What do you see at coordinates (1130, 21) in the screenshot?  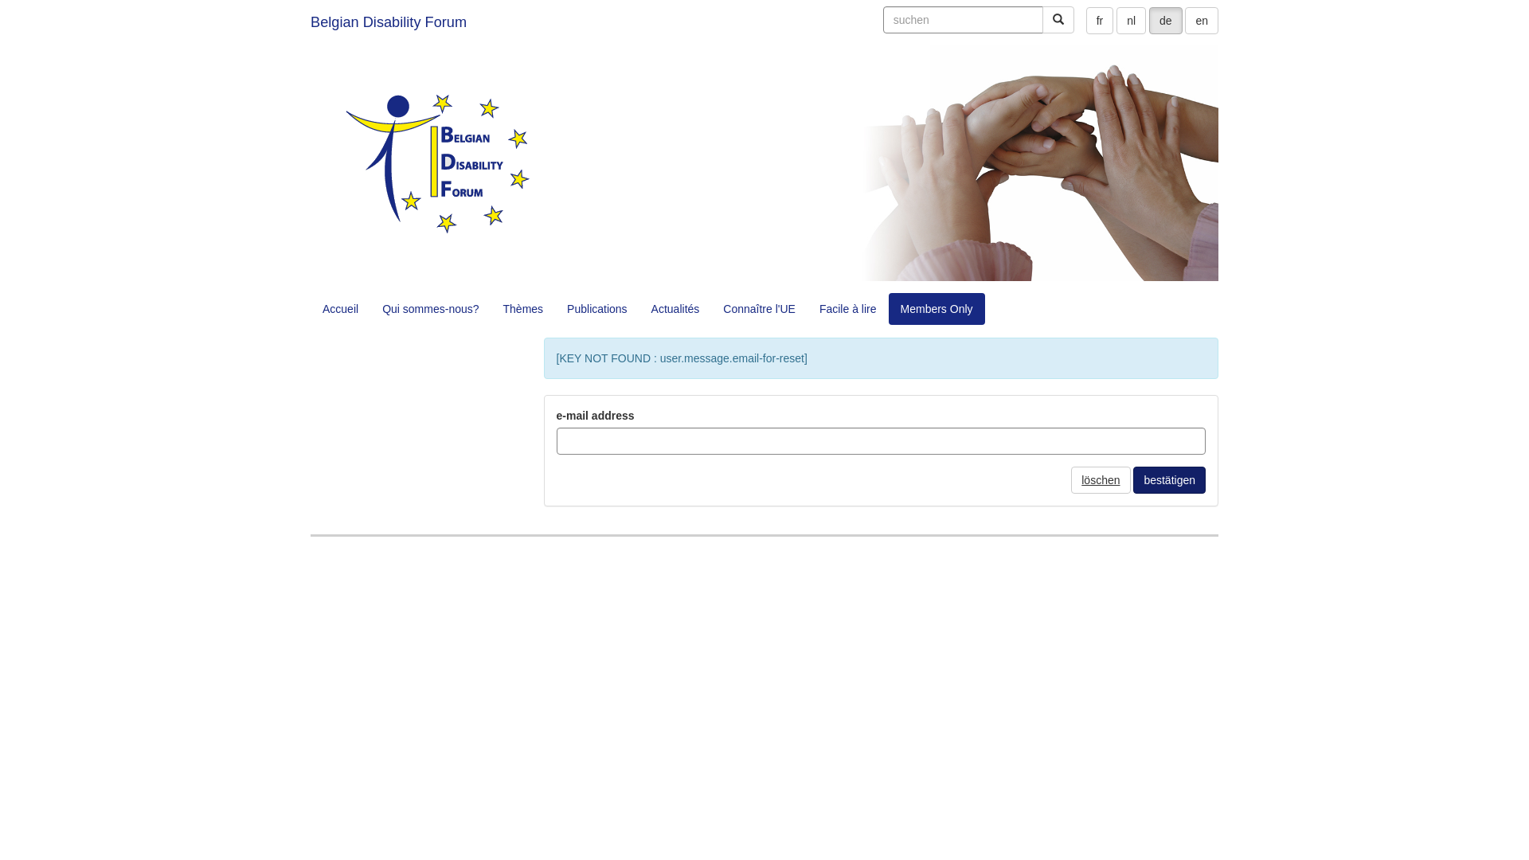 I see `'nl'` at bounding box center [1130, 21].